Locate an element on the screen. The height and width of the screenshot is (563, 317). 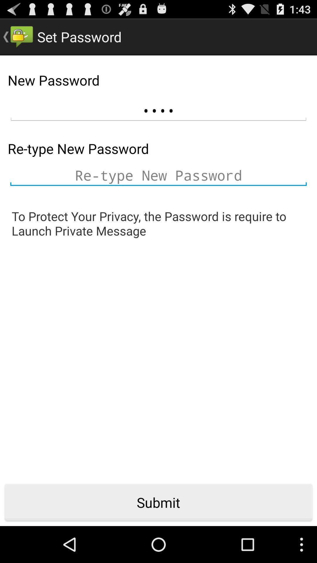
new password is located at coordinates (158, 175).